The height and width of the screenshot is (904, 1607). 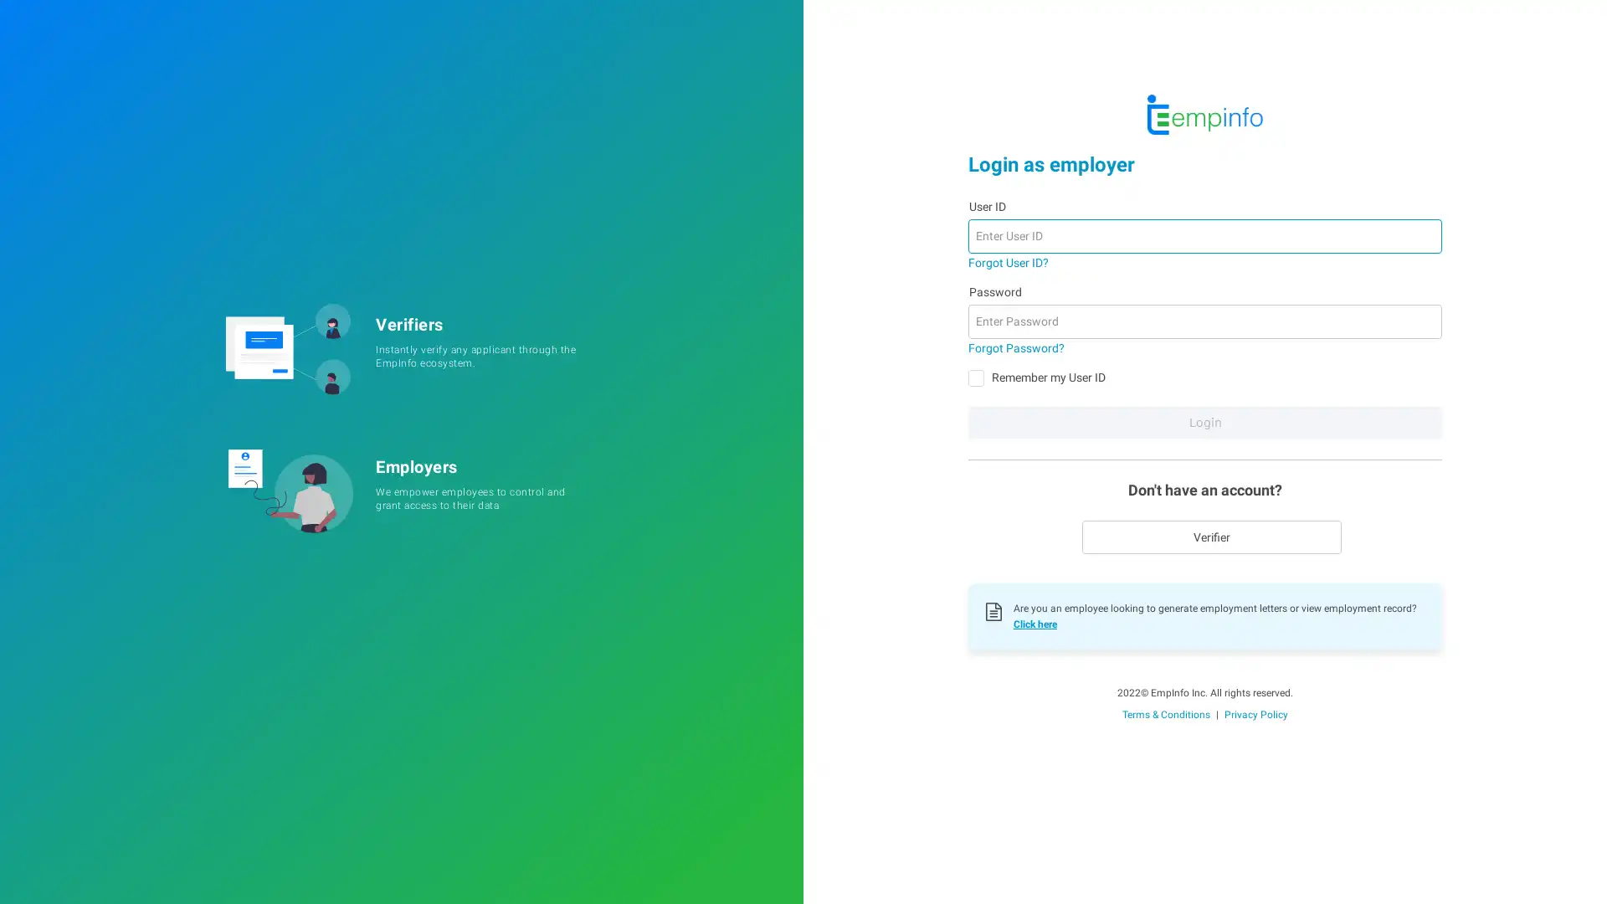 What do you see at coordinates (1204, 422) in the screenshot?
I see `Login` at bounding box center [1204, 422].